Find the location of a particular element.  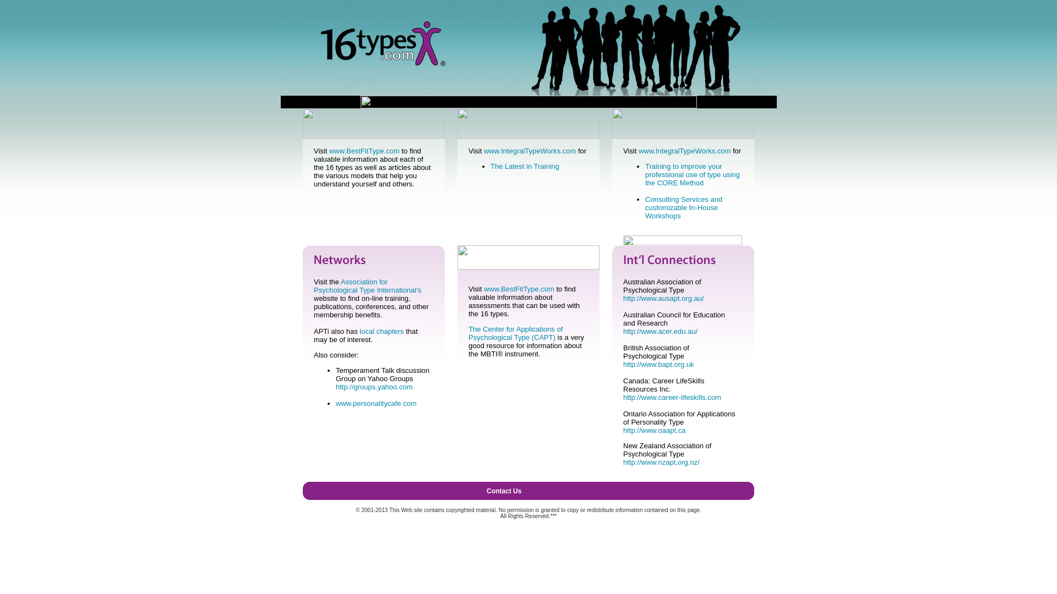

'Contact Us' is located at coordinates (486, 491).